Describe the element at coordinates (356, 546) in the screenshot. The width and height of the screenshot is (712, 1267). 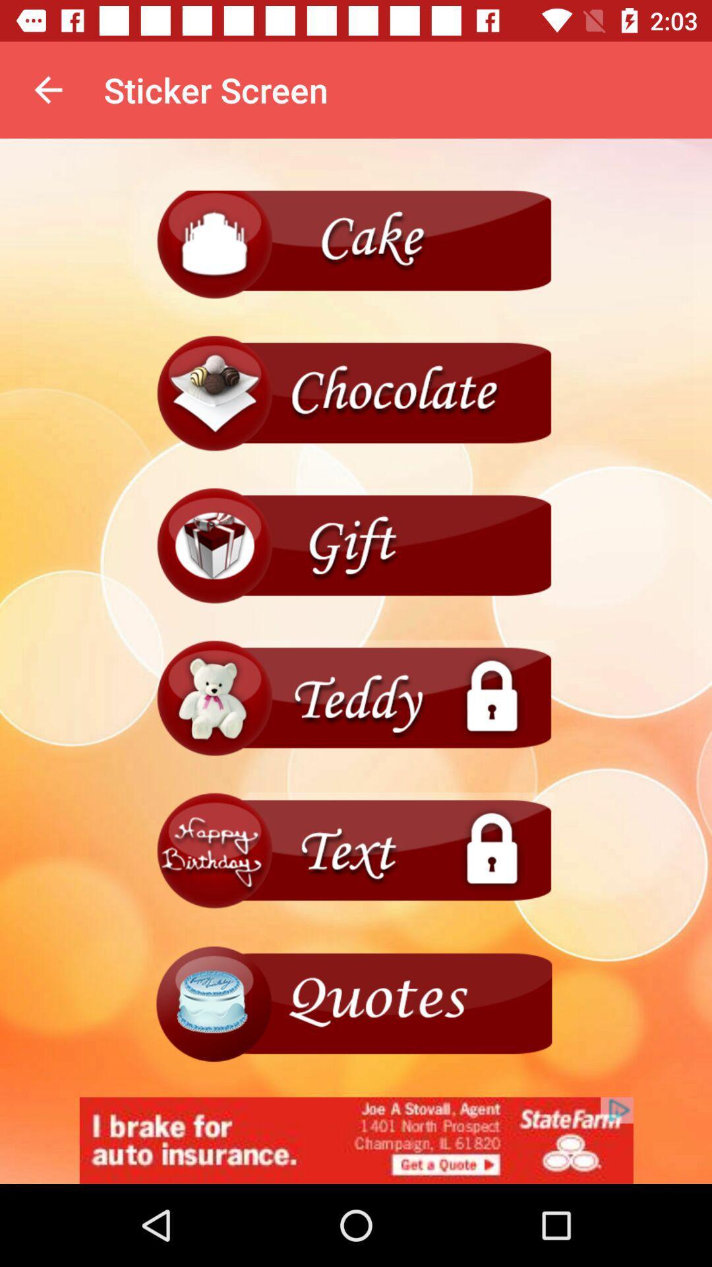
I see `option` at that location.